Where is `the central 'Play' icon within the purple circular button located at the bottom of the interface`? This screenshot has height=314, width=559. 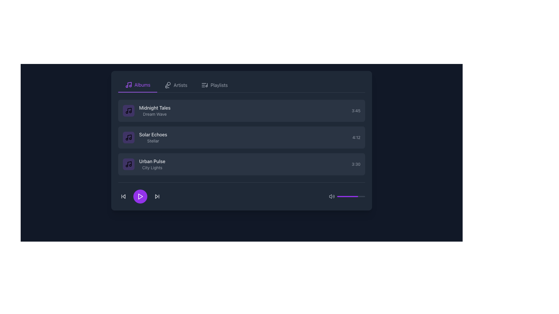
the central 'Play' icon within the purple circular button located at the bottom of the interface is located at coordinates (140, 196).